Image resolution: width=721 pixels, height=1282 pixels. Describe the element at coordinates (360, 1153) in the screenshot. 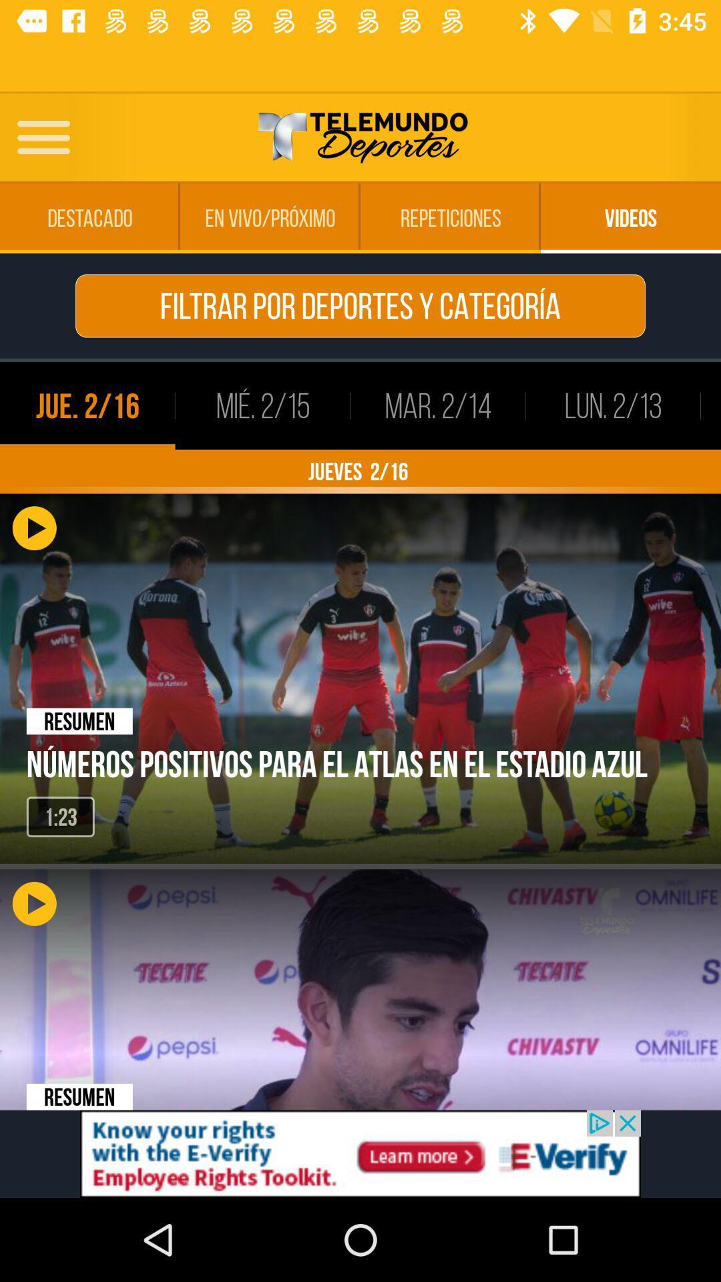

I see `advertisement banner` at that location.